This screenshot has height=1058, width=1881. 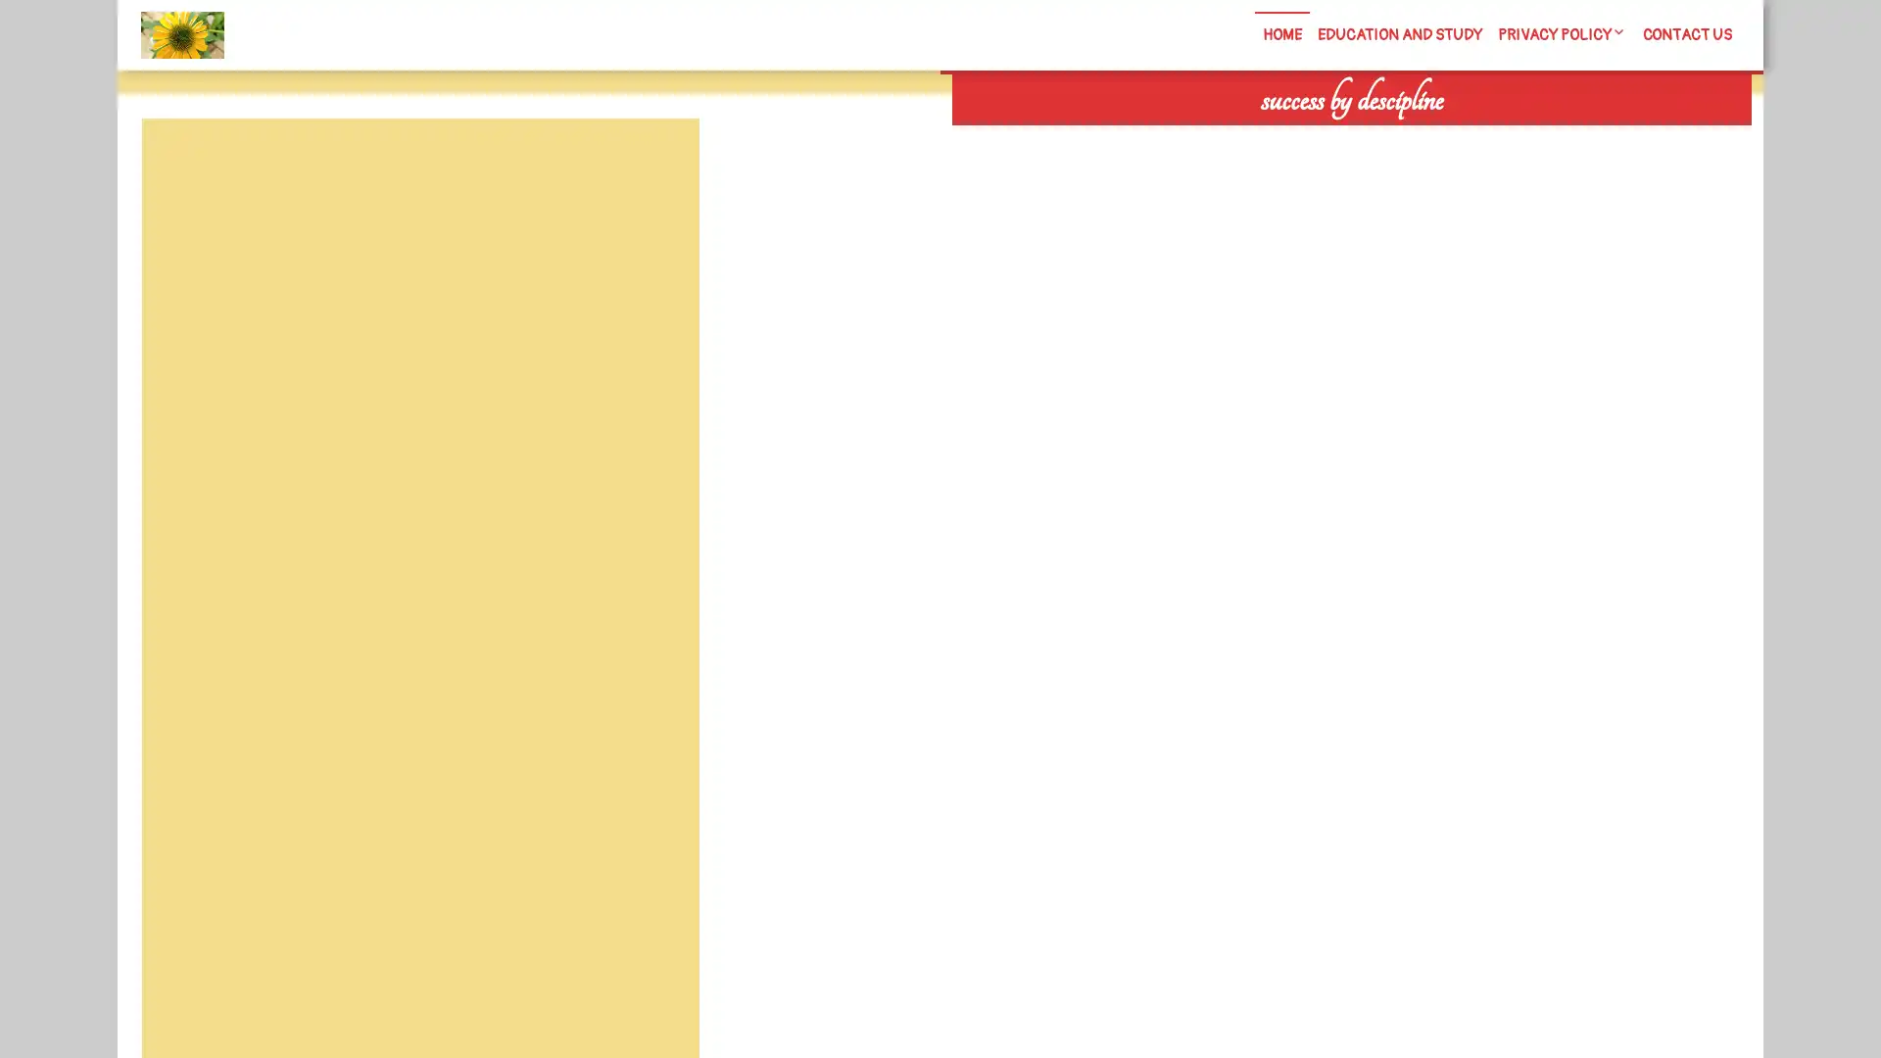 What do you see at coordinates (653, 165) in the screenshot?
I see `Search` at bounding box center [653, 165].